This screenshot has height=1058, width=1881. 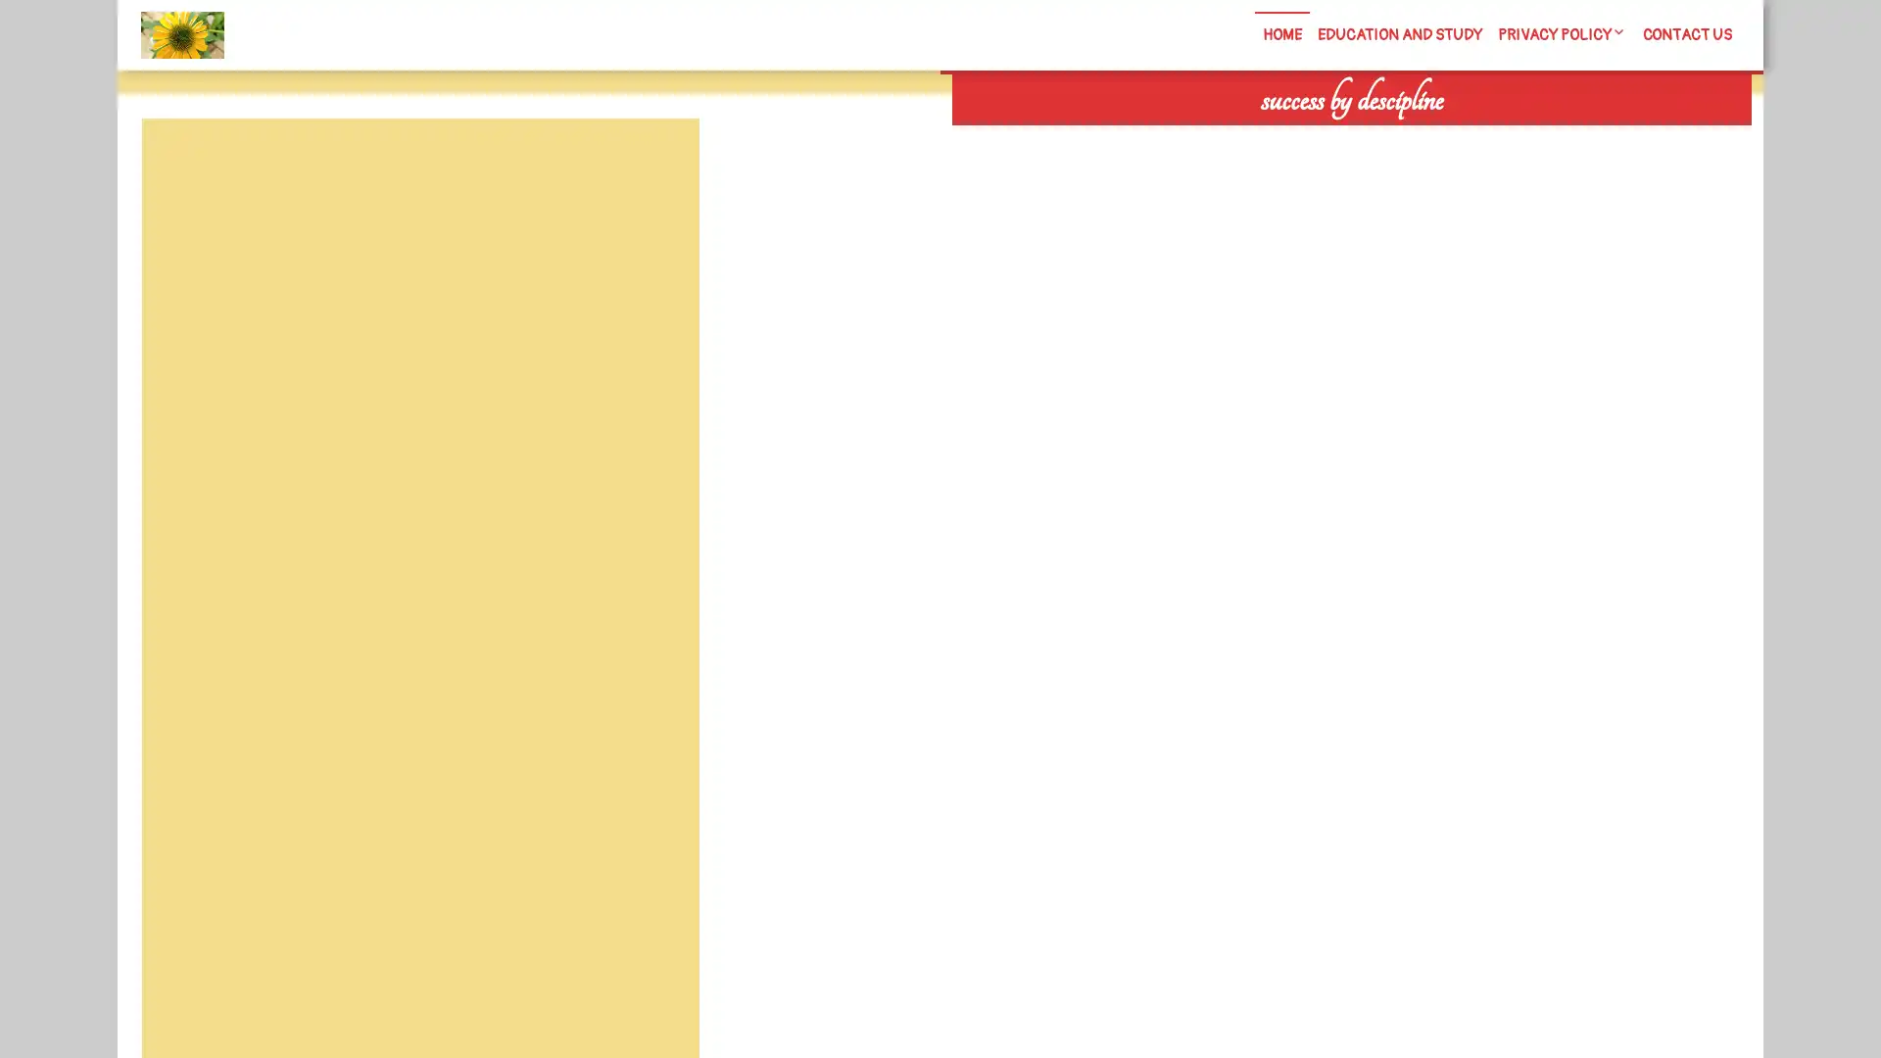 What do you see at coordinates (653, 165) in the screenshot?
I see `Search` at bounding box center [653, 165].